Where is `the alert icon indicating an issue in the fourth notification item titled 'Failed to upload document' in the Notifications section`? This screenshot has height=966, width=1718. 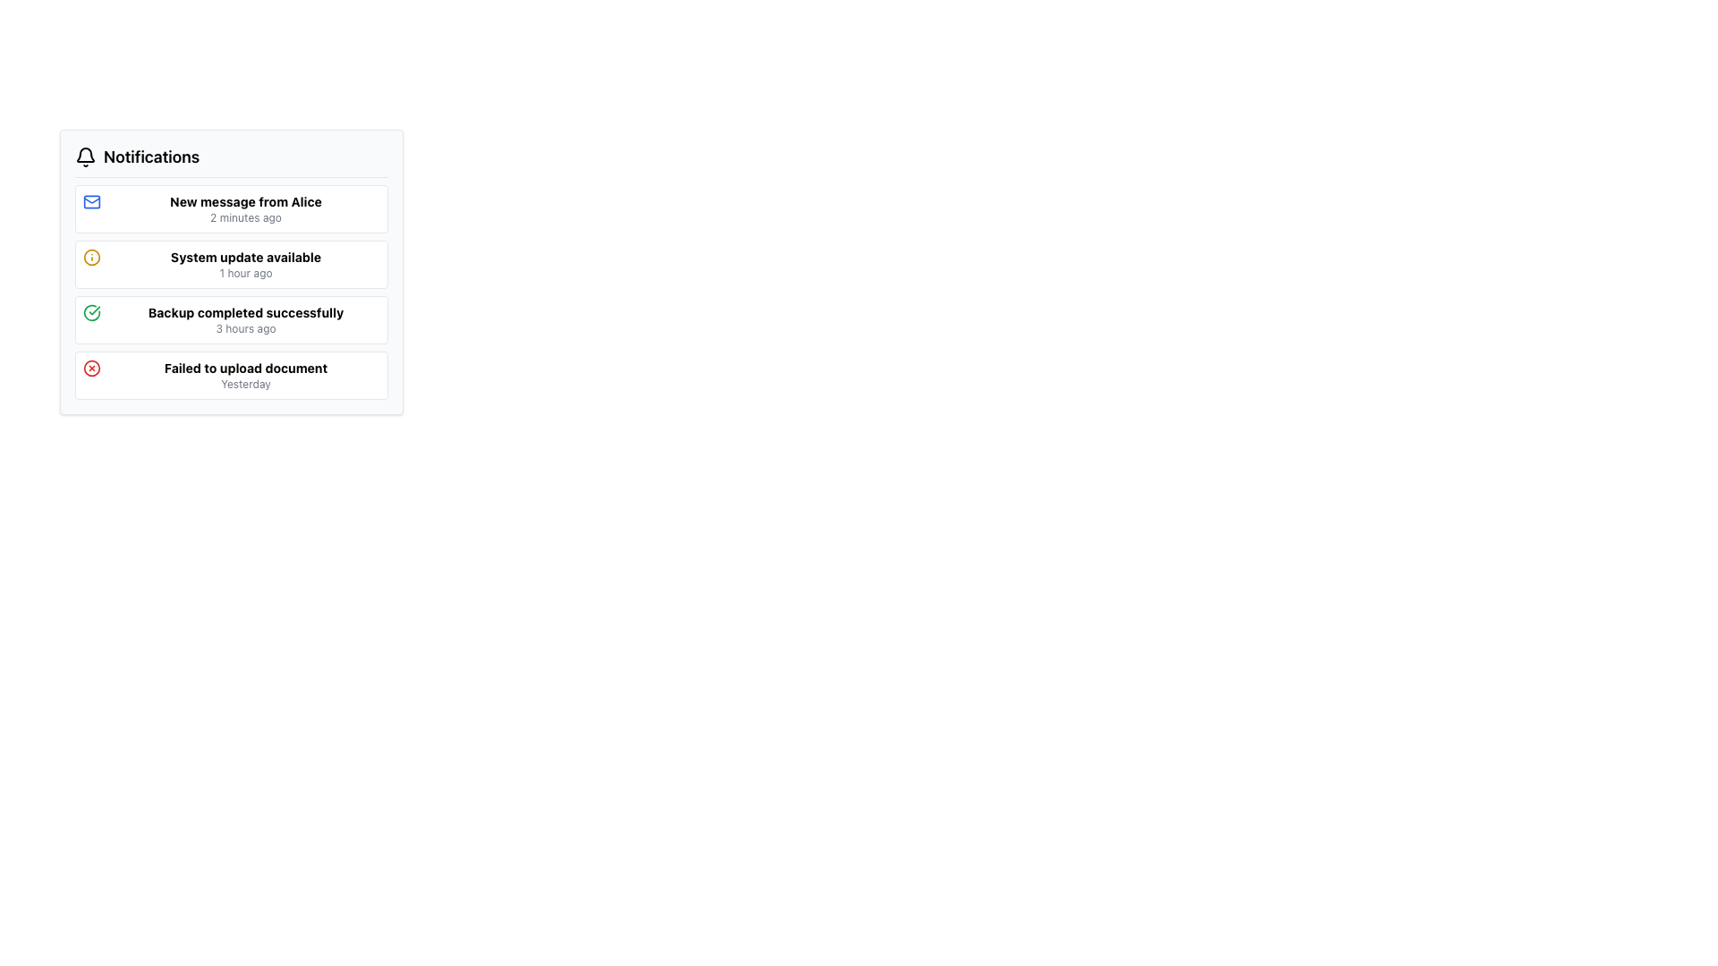 the alert icon indicating an issue in the fourth notification item titled 'Failed to upload document' in the Notifications section is located at coordinates (90, 368).